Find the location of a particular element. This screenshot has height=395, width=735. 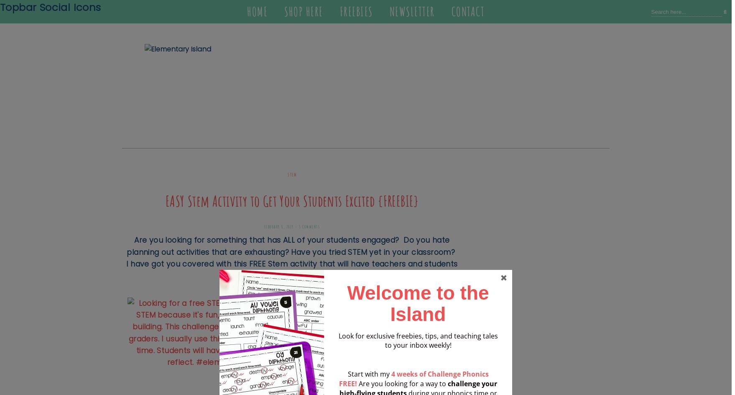

'Home' is located at coordinates (247, 11).